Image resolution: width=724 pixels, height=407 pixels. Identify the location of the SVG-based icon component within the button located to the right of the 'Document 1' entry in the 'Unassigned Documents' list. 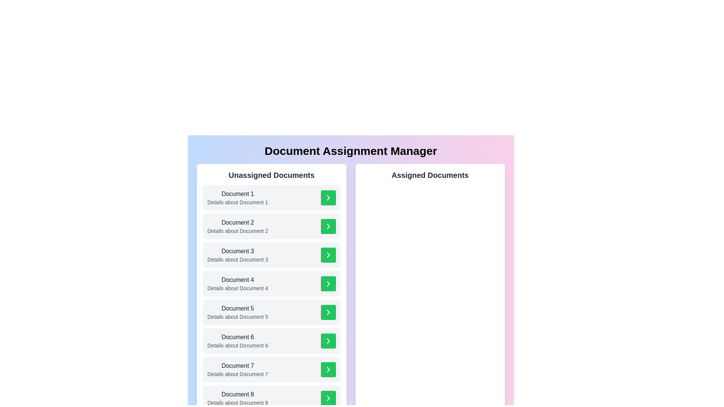
(328, 197).